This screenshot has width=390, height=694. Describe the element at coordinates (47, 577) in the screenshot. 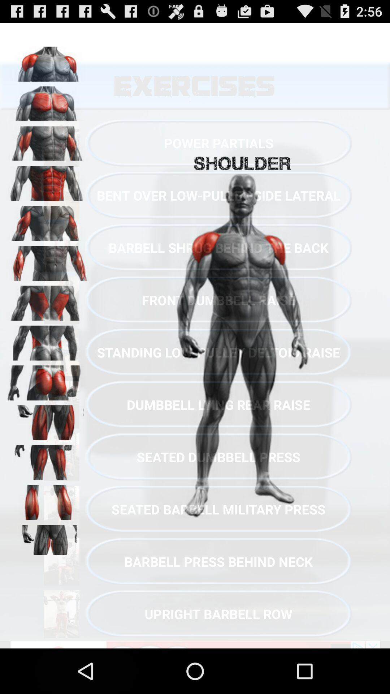

I see `the sliders icon` at that location.